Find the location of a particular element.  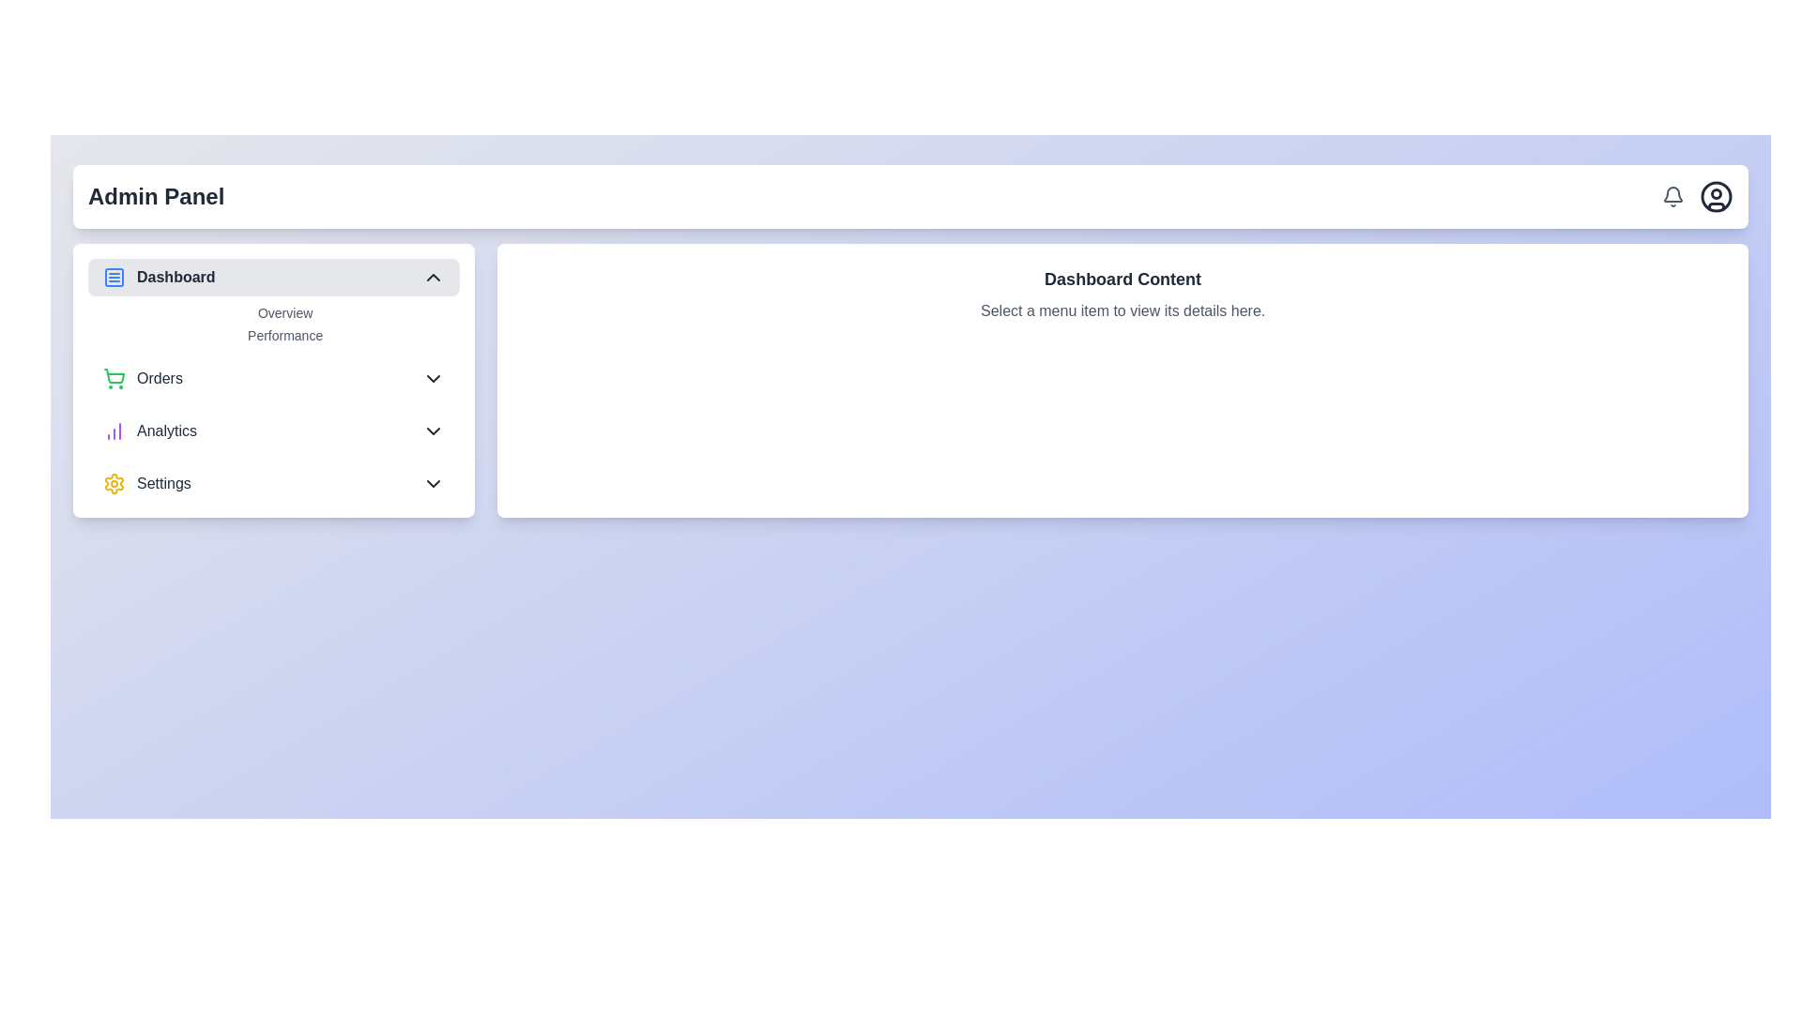

the decorative vector graphic part of the shopping cart icon located in the 'Orders' section of the sidebar, below the 'Dashboard' heading is located at coordinates (114, 376).